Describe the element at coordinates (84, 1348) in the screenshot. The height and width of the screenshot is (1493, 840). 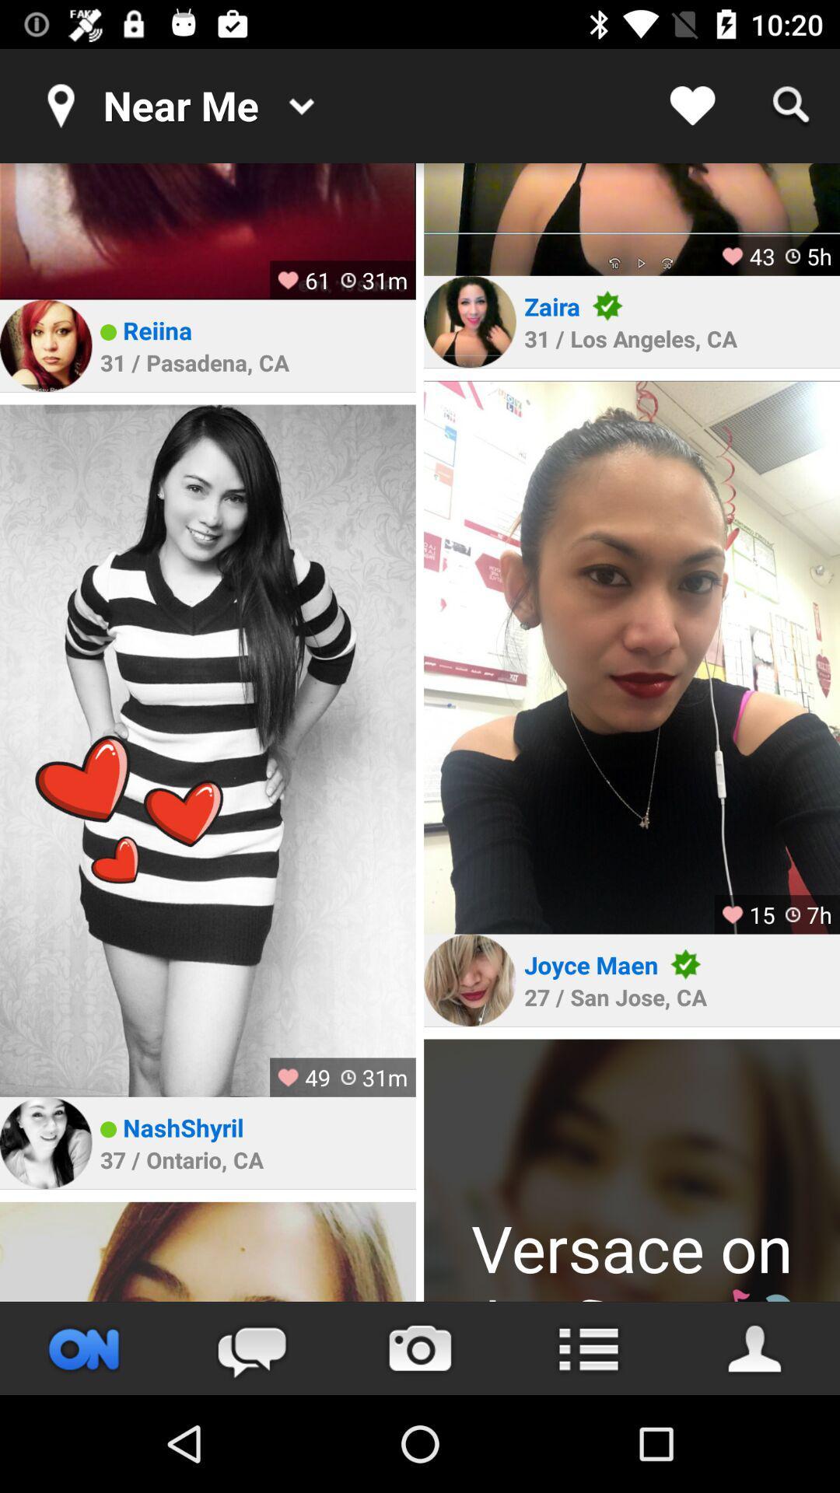
I see `app activated` at that location.